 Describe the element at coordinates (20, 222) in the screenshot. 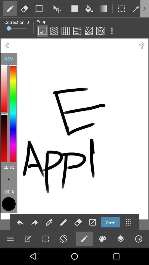

I see `back ward` at that location.